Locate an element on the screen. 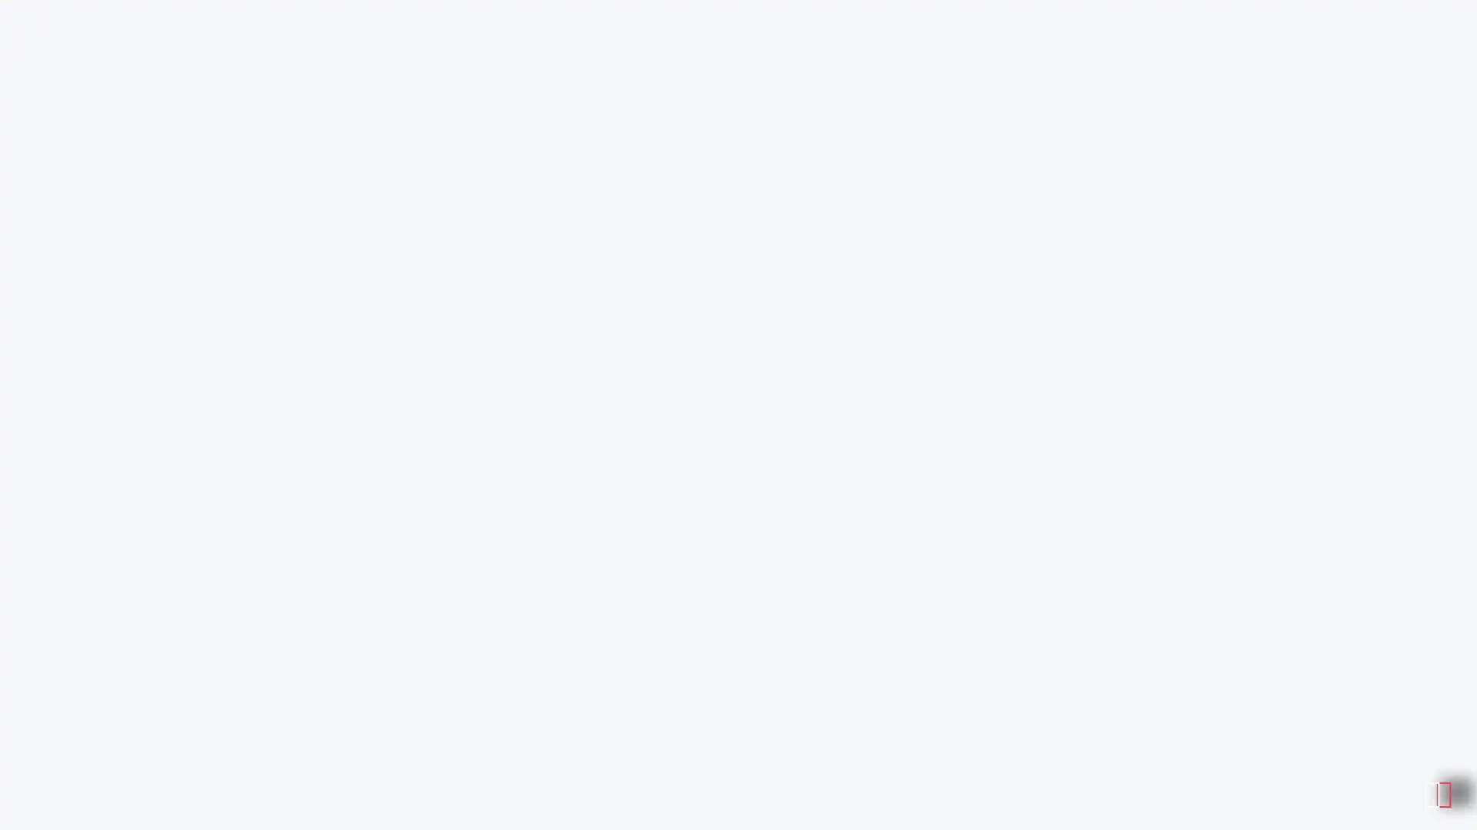  Dismiss Message is located at coordinates (1396, 771).